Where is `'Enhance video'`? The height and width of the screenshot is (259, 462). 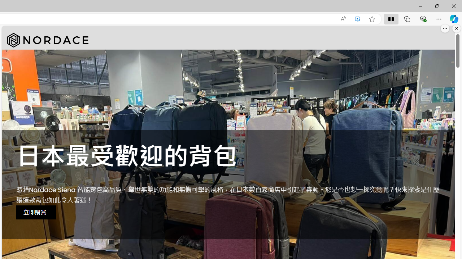 'Enhance video' is located at coordinates (358, 19).